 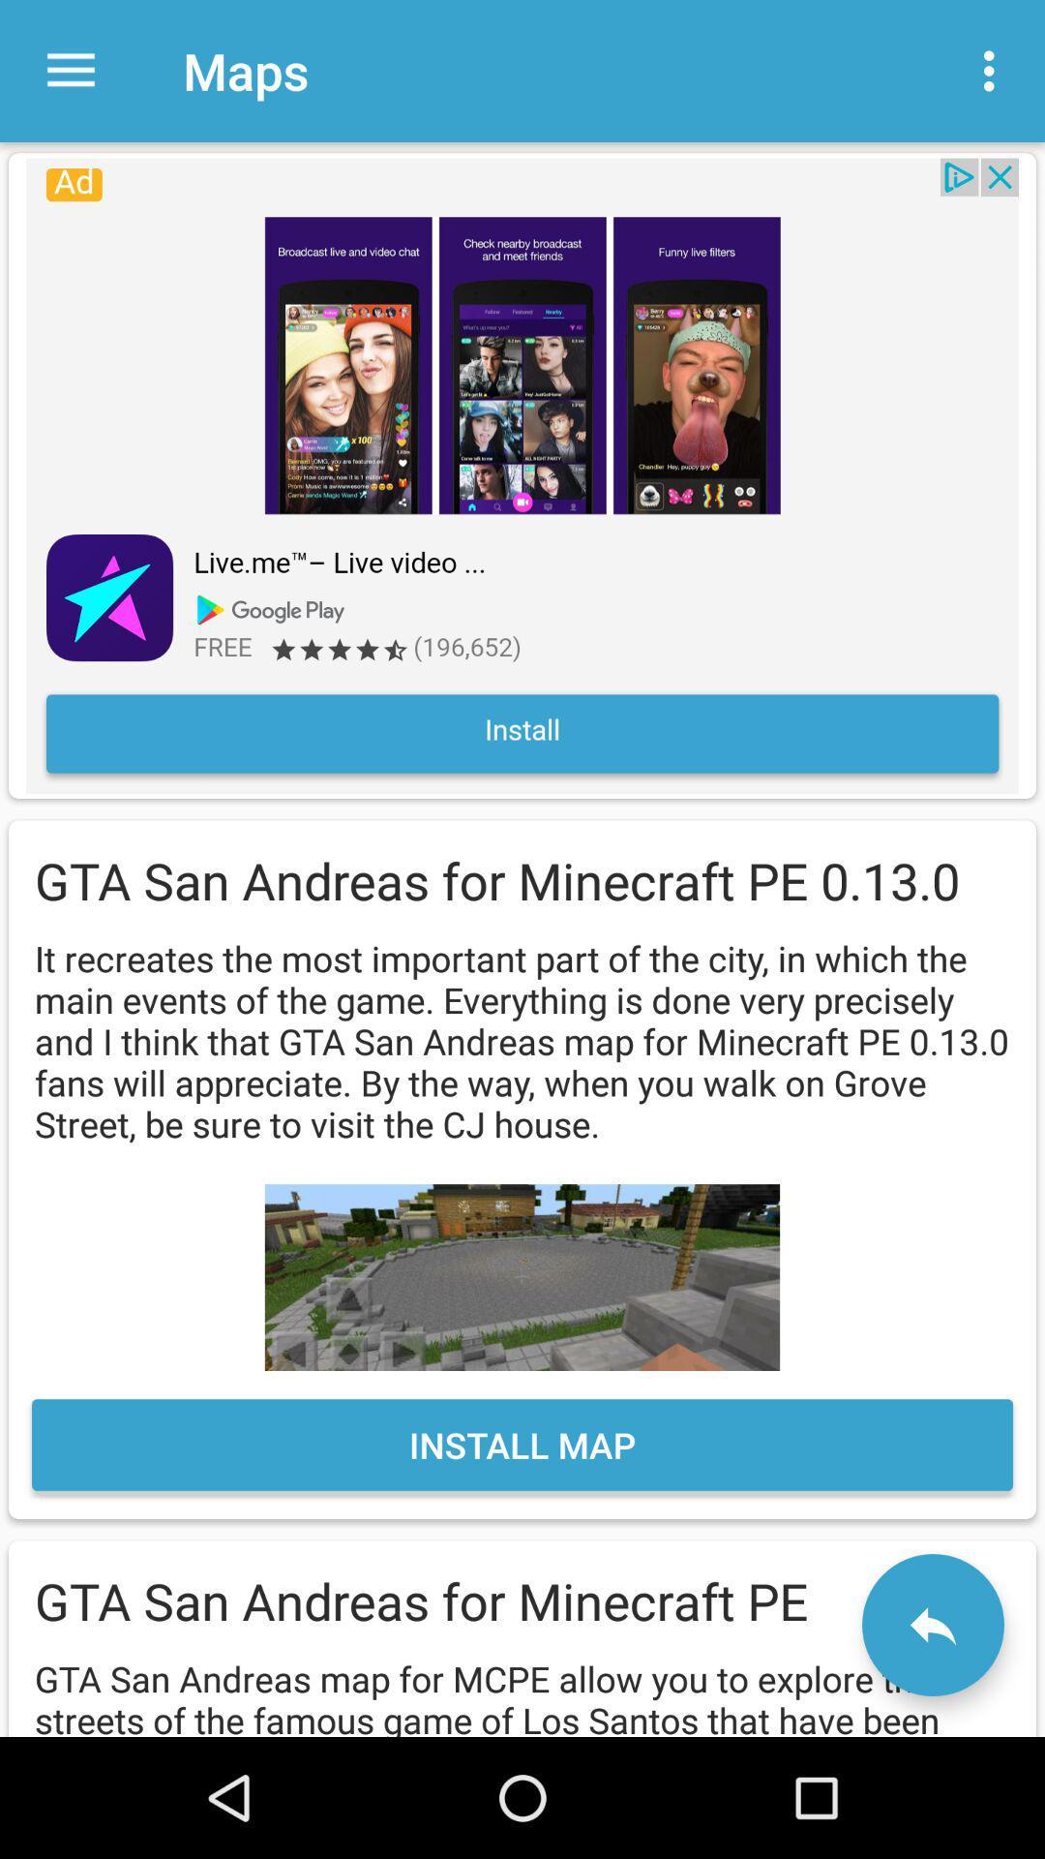 I want to click on advertisement, so click(x=522, y=475).